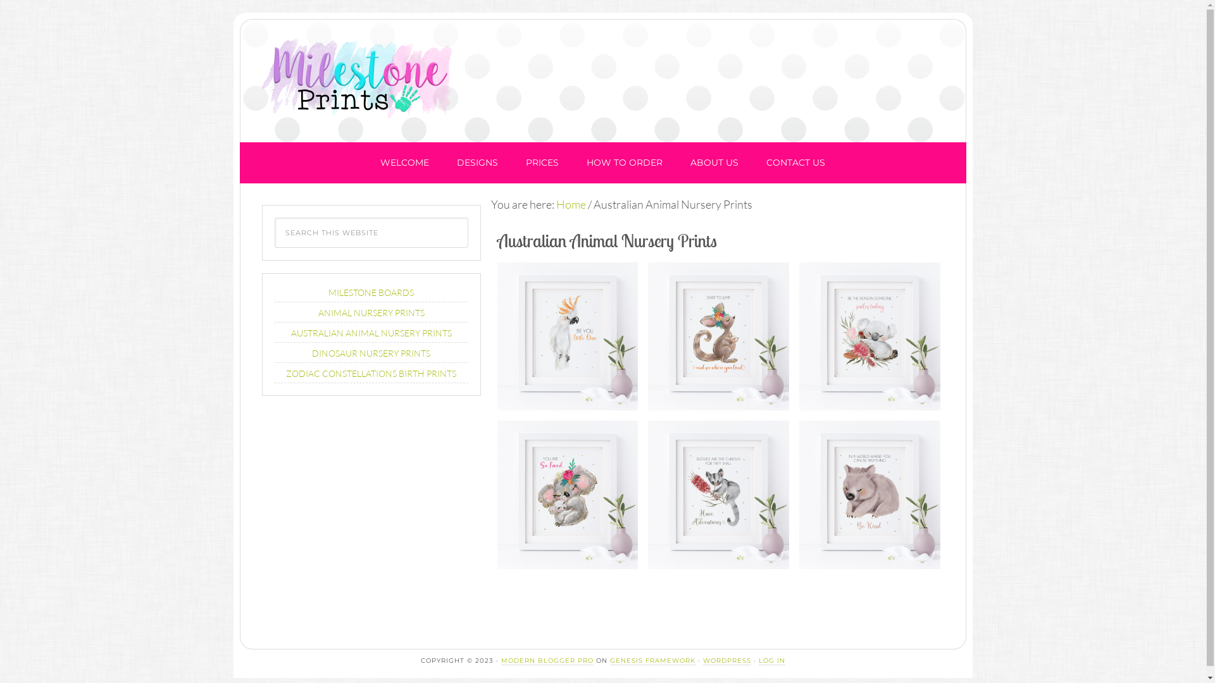 Image resolution: width=1215 pixels, height=683 pixels. Describe the element at coordinates (370, 292) in the screenshot. I see `'MILESTONE BOARDS'` at that location.